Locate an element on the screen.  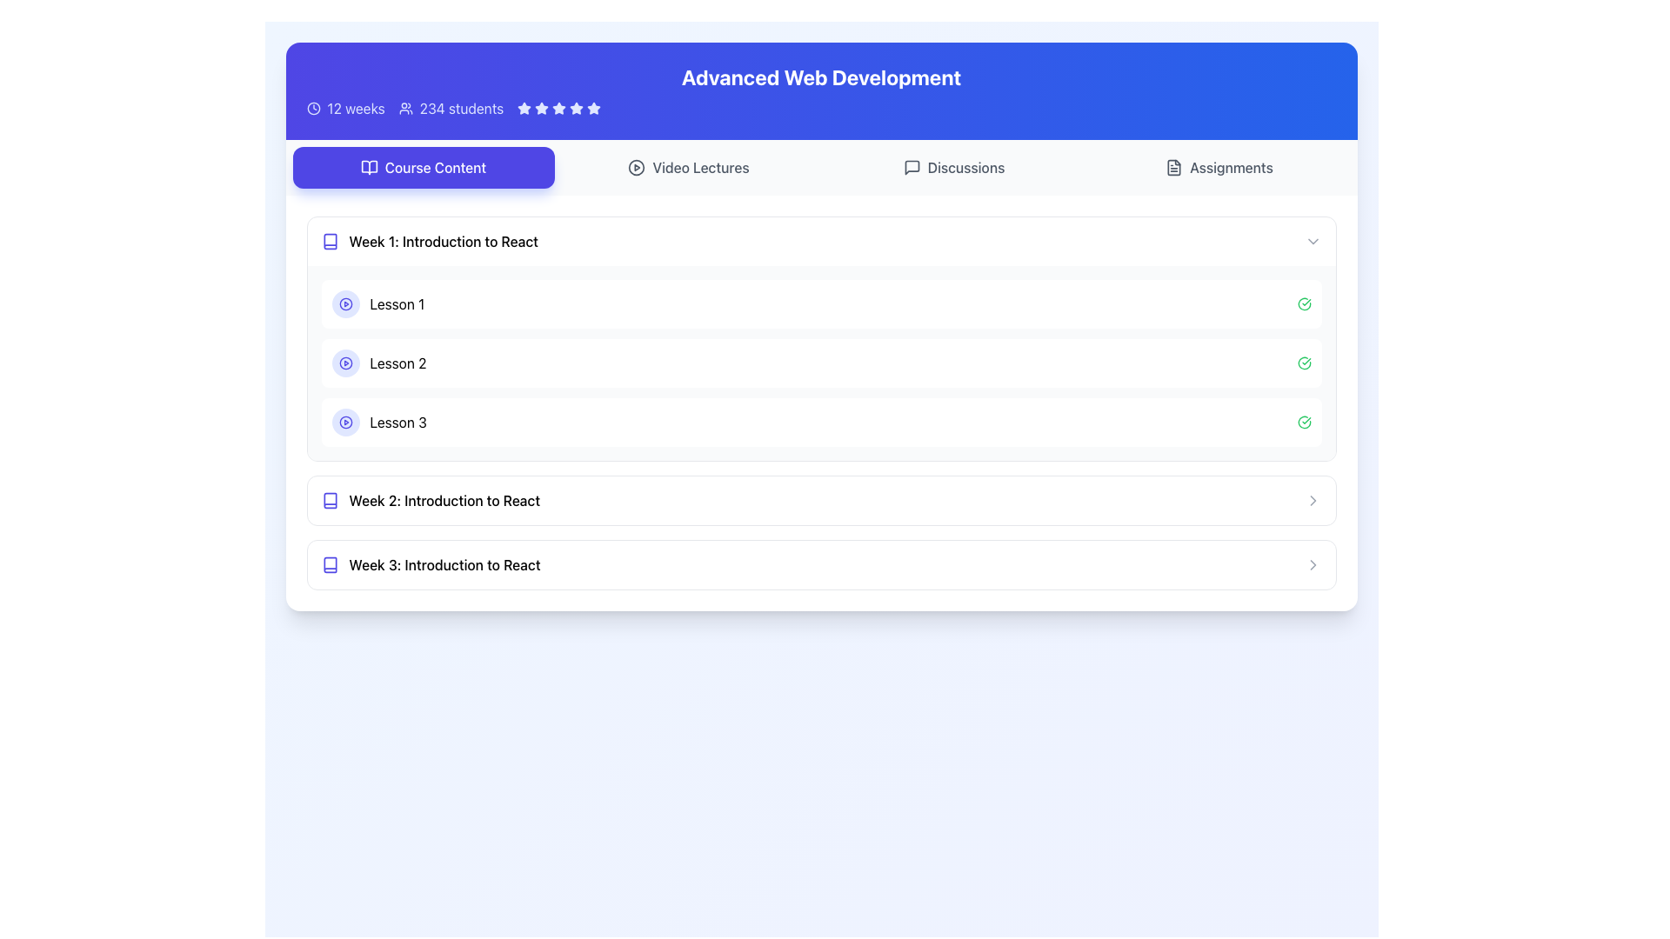
the icon representing the students enrolled in the course, located in the banner section near the text '234 students' and to the right of the '12 weeks' information is located at coordinates (404, 108).